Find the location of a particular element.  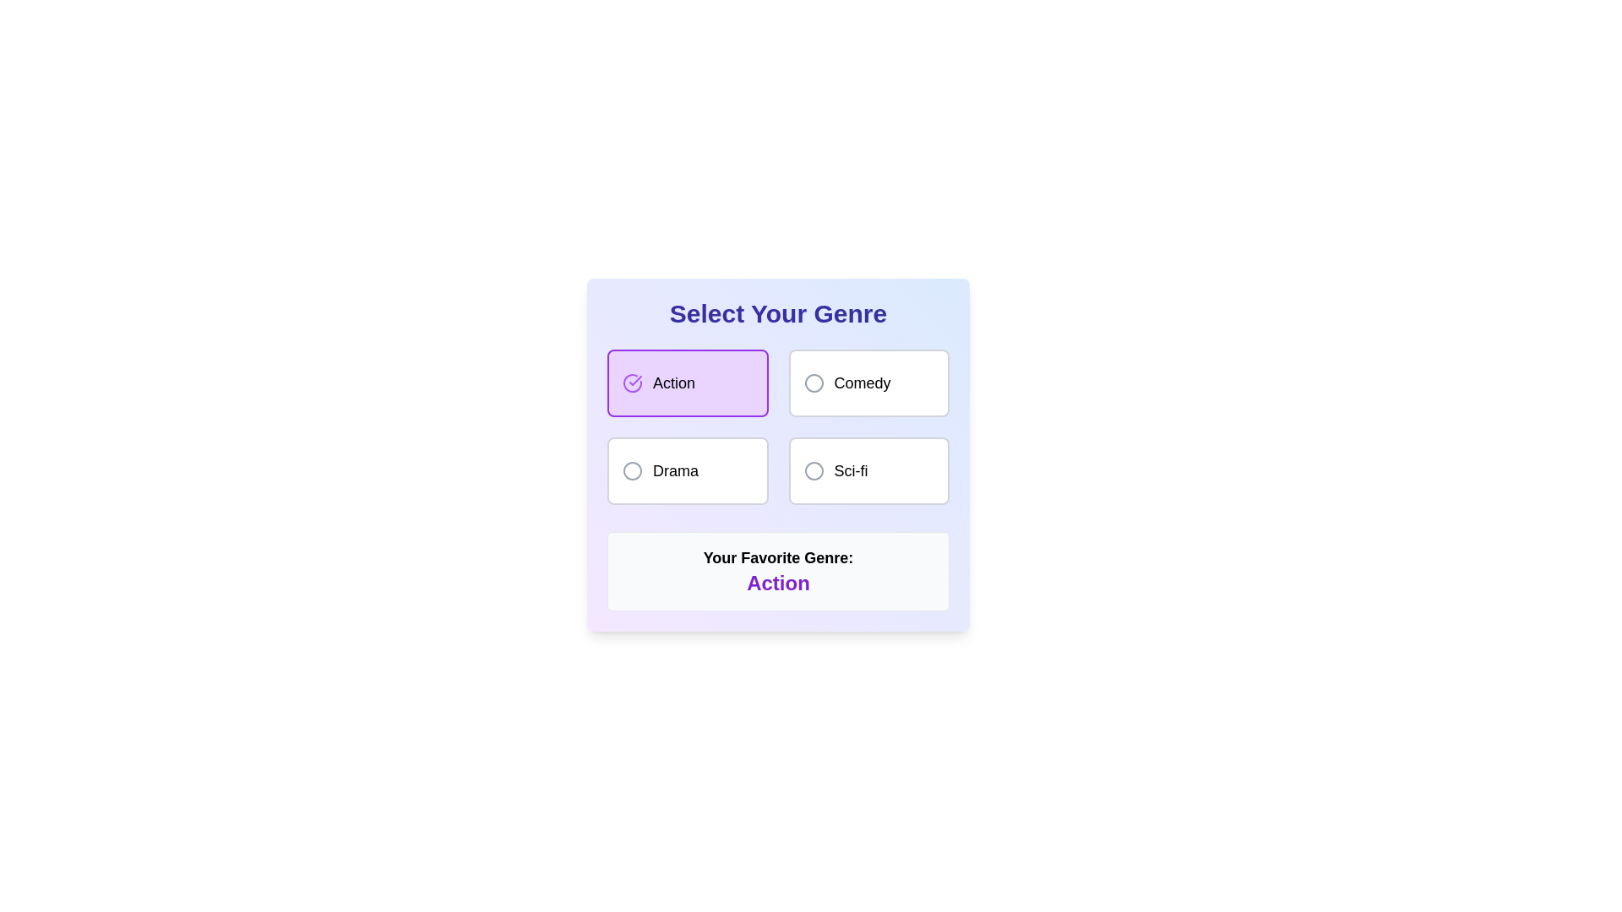

the Radio Button Indicator for the 'Drama' option, which is a circular outline with a 10-unit radius, located in the middle left part of the dialog box labeled 'Select Your Genre' is located at coordinates (631, 471).